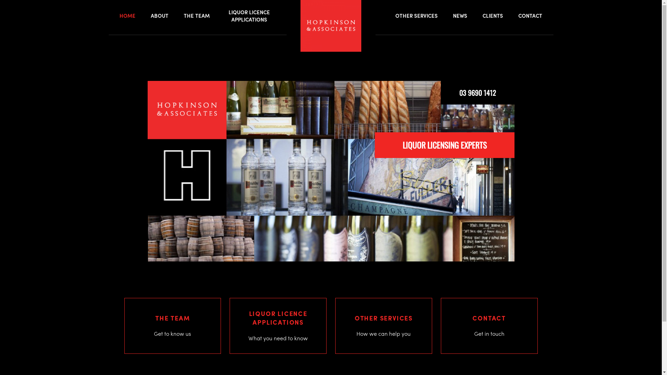 The height and width of the screenshot is (375, 667). What do you see at coordinates (460, 16) in the screenshot?
I see `'NEWS'` at bounding box center [460, 16].